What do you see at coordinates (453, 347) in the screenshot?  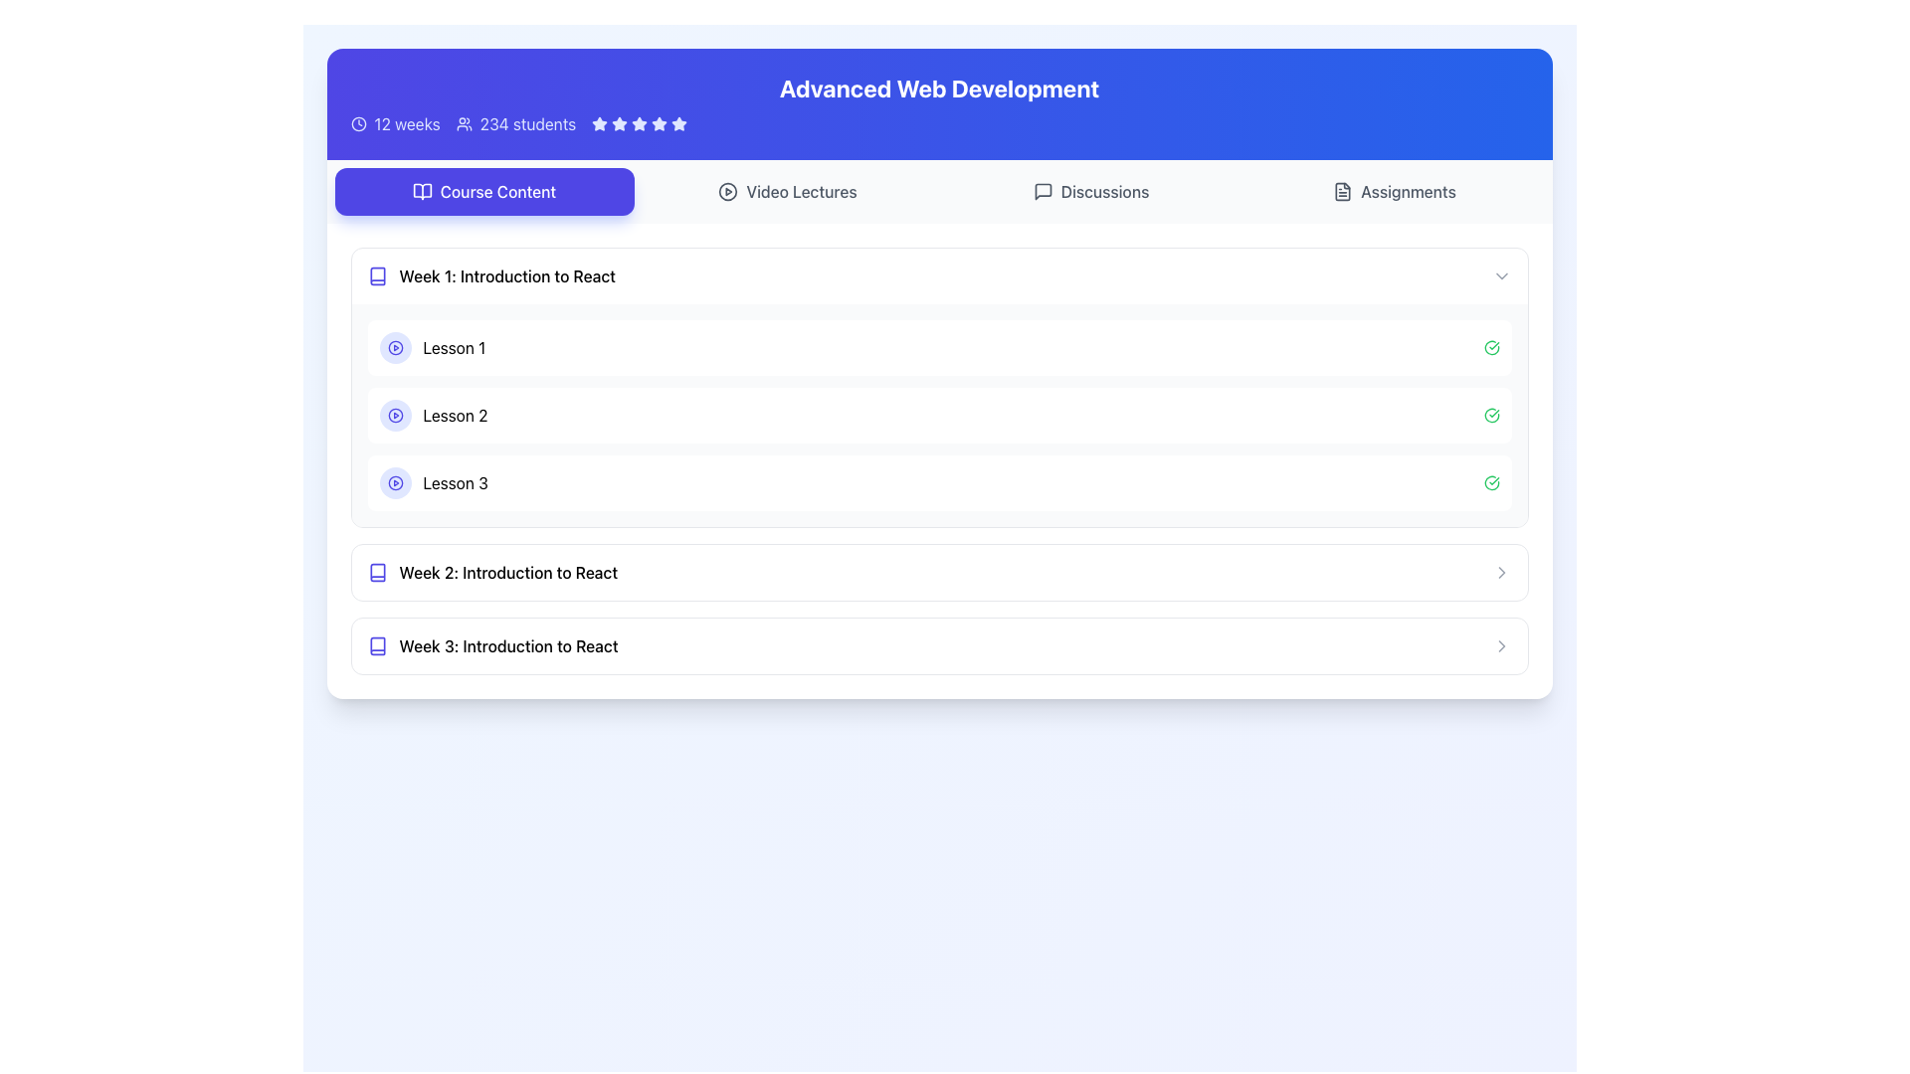 I see `the 'Lesson 1' text label, which is displayed in bold black font on a white background, located within the 'Course Content' section under 'Week 1: Introduction to React'` at bounding box center [453, 347].